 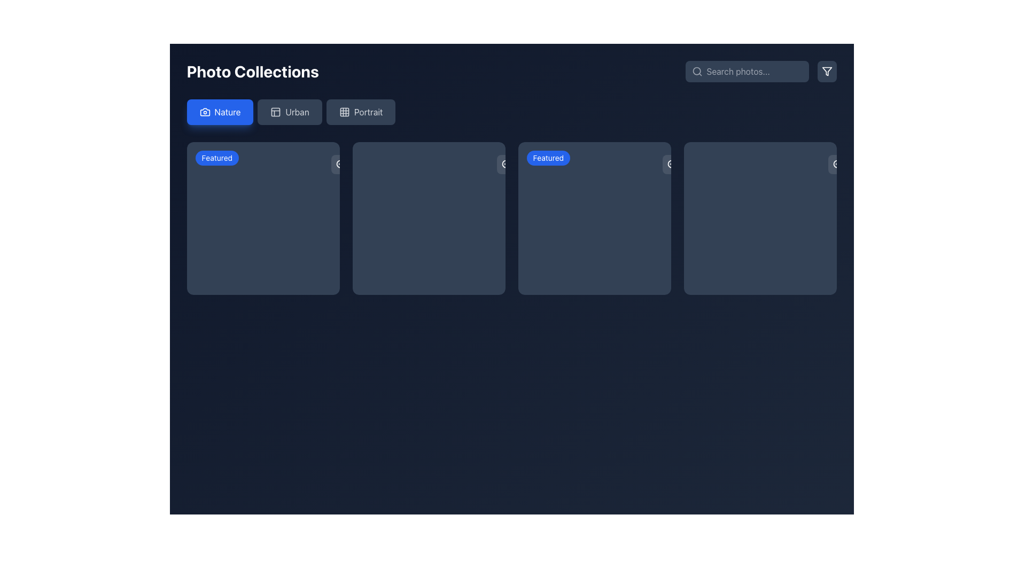 I want to click on the 'Urban' button, which is the second category button from the left in a row of three category buttons labeled 'Nature,' 'Urban,' and 'Portrait.' The button is rounded rectangular with light gray text on a dark gray background, so click(x=297, y=112).